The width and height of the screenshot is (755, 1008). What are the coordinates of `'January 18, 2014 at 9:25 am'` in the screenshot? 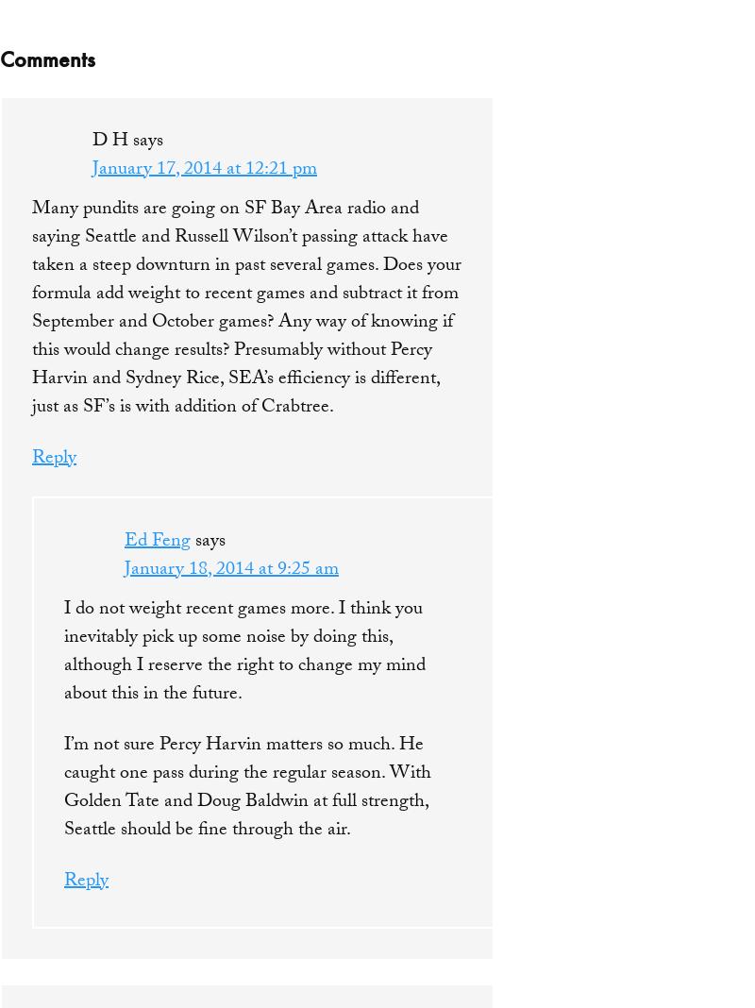 It's located at (230, 568).